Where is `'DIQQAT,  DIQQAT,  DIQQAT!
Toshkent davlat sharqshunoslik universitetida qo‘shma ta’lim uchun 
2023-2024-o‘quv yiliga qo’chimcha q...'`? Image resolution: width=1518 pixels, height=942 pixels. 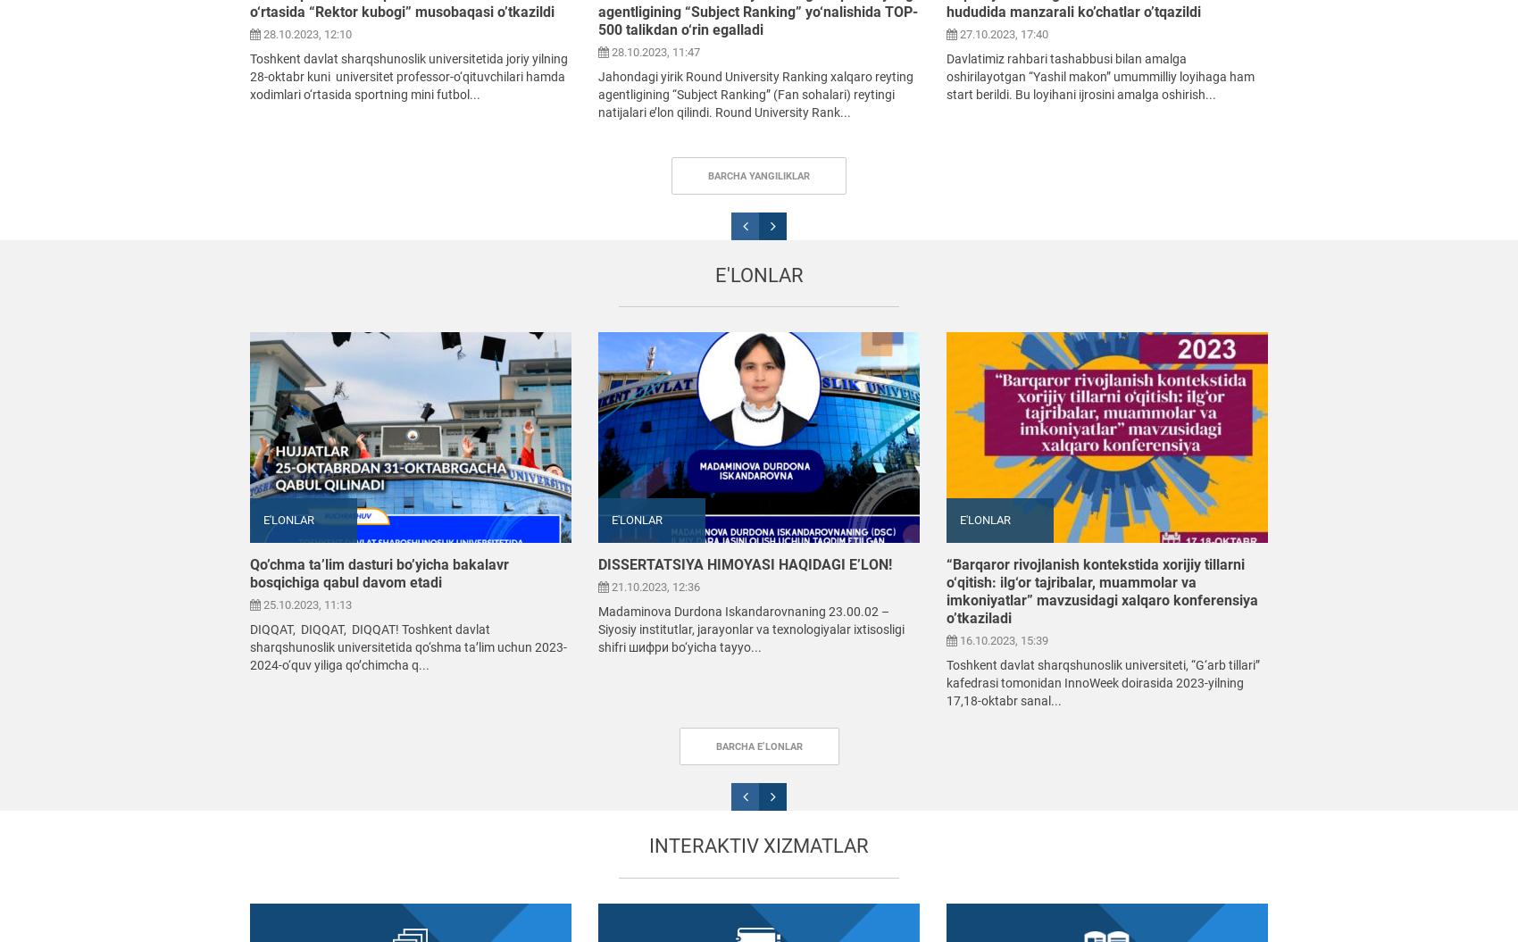
'DIQQAT,  DIQQAT,  DIQQAT!
Toshkent davlat sharqshunoslik universitetida qo‘shma ta’lim uchun 
2023-2024-o‘quv yiliga qo’chimcha q...' is located at coordinates (408, 646).